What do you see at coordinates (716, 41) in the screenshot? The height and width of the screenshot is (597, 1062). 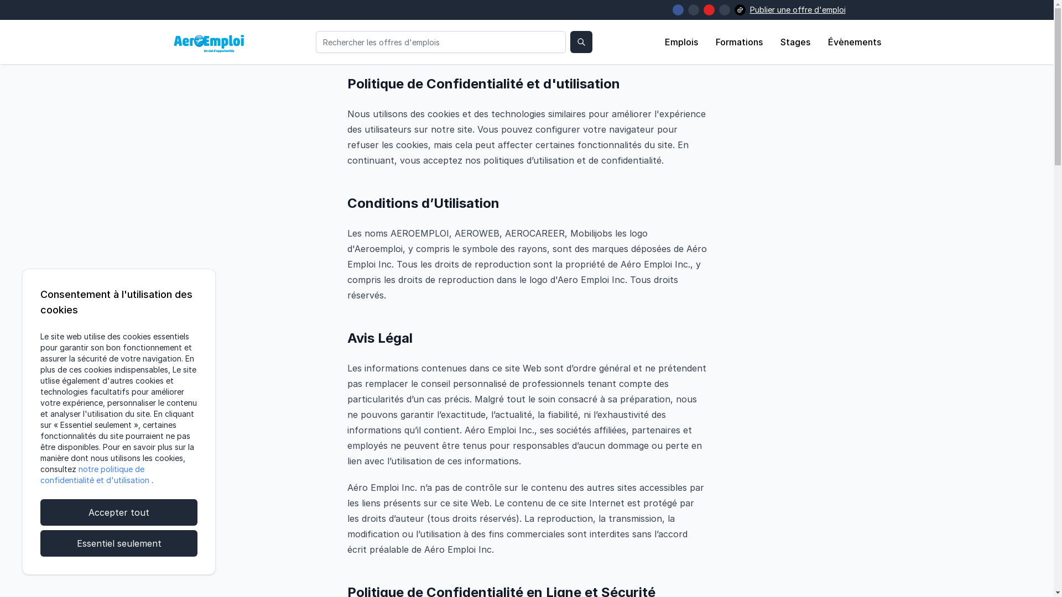 I see `'Formations'` at bounding box center [716, 41].